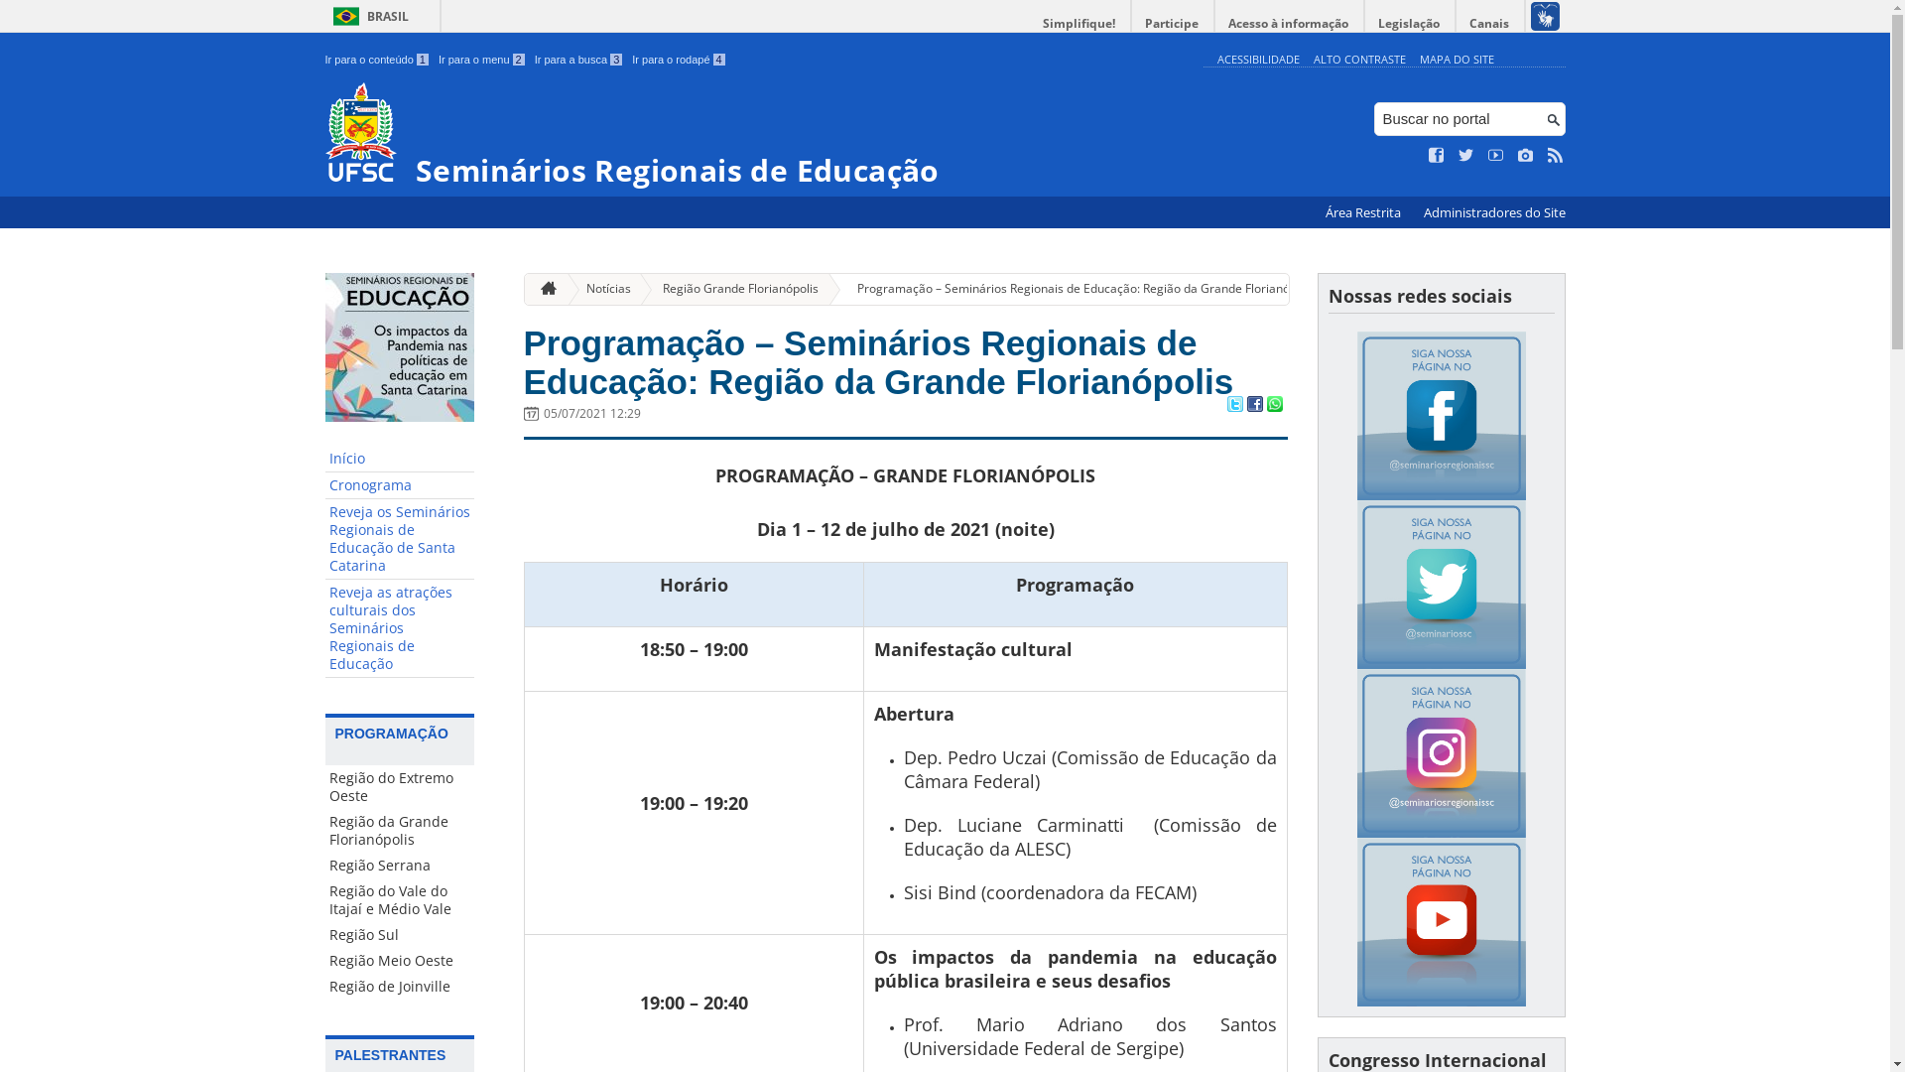 Image resolution: width=1905 pixels, height=1072 pixels. I want to click on 'Cronograma', so click(399, 485).